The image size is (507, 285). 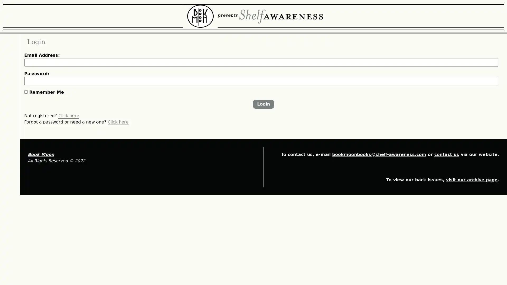 I want to click on Login, so click(x=286, y=136).